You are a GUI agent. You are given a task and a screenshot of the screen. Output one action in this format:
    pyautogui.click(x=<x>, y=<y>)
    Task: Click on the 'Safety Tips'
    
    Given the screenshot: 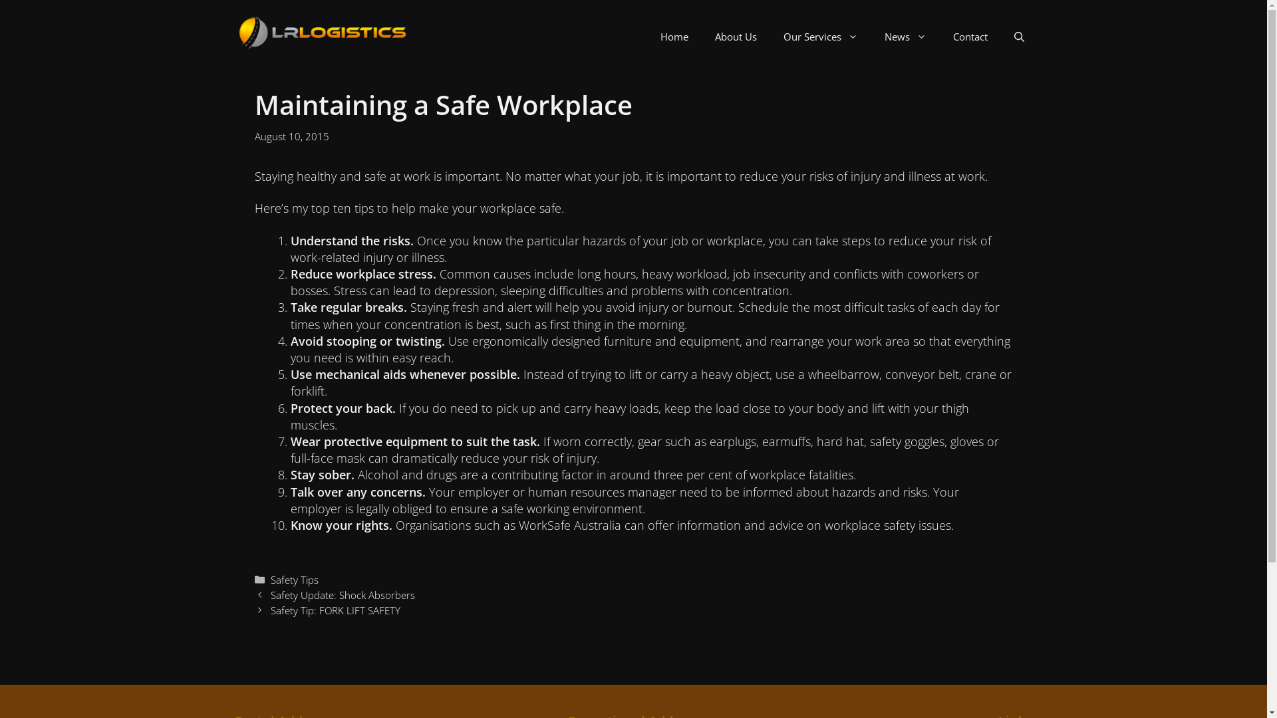 What is the action you would take?
    pyautogui.click(x=293, y=578)
    